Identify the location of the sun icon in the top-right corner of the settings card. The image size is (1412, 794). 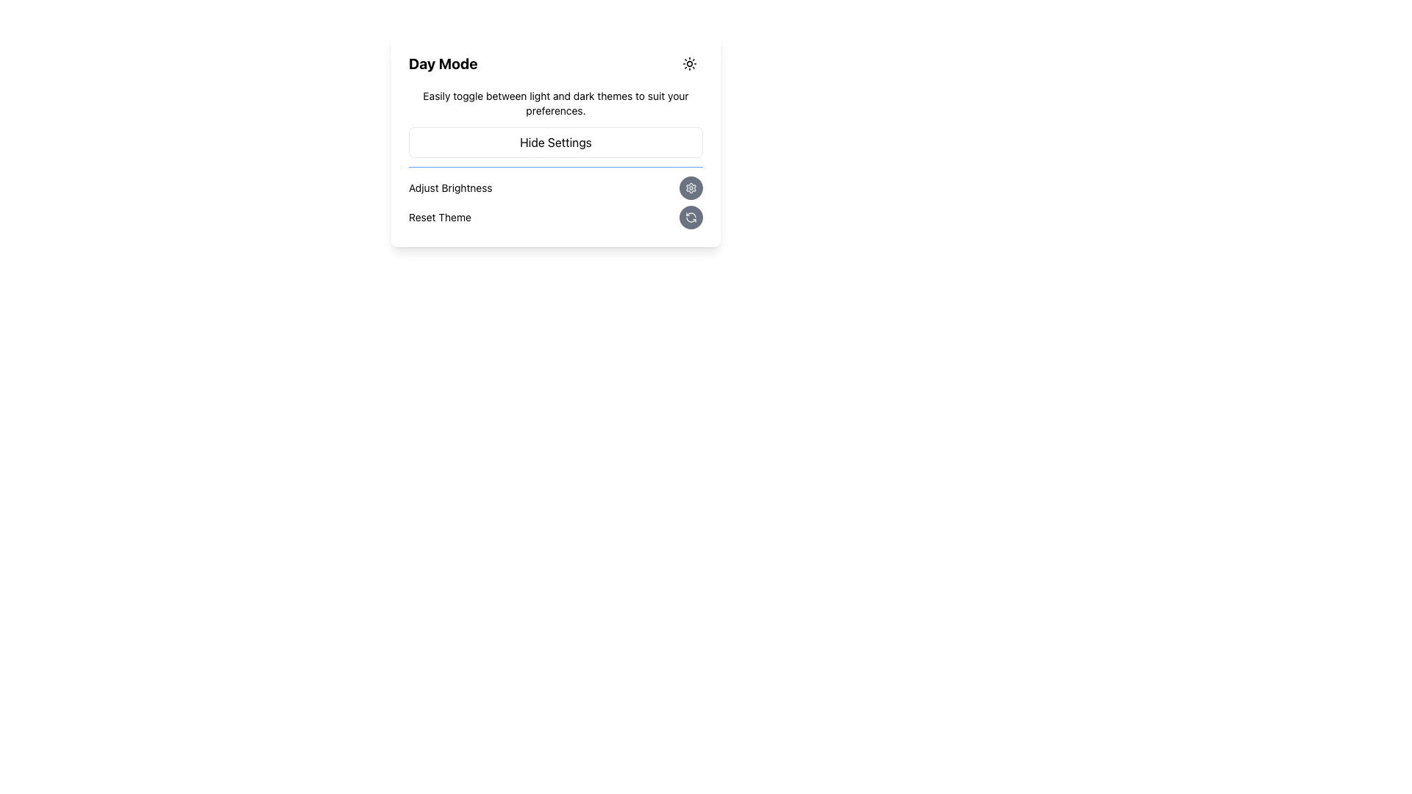
(688, 63).